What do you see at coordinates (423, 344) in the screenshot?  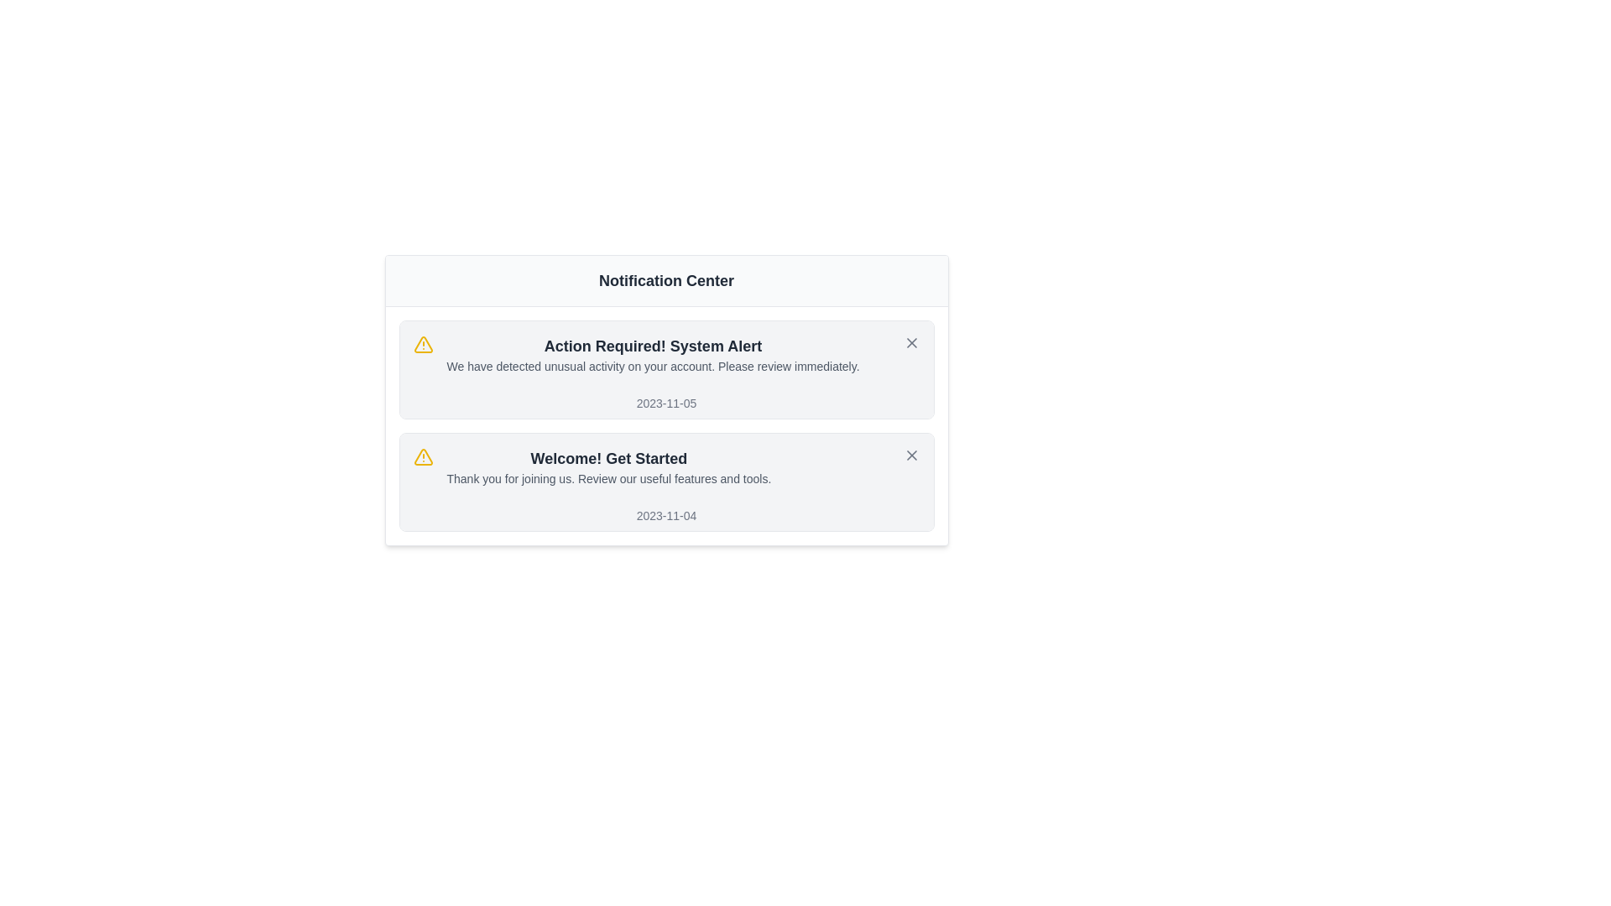 I see `the warning or alert icon located at the leftmost part of the notification box titled 'Action Required! System Alert'` at bounding box center [423, 344].